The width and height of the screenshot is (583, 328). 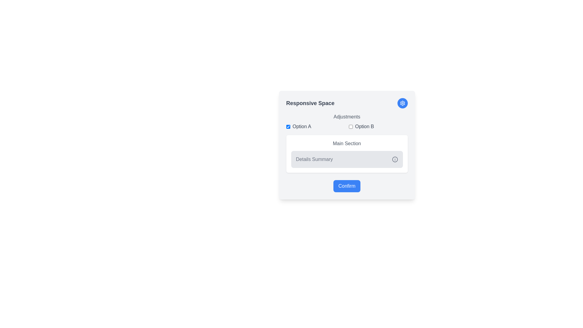 What do you see at coordinates (402, 103) in the screenshot?
I see `the circular blue button with a white gear icon in the 'Responsive Space' section` at bounding box center [402, 103].